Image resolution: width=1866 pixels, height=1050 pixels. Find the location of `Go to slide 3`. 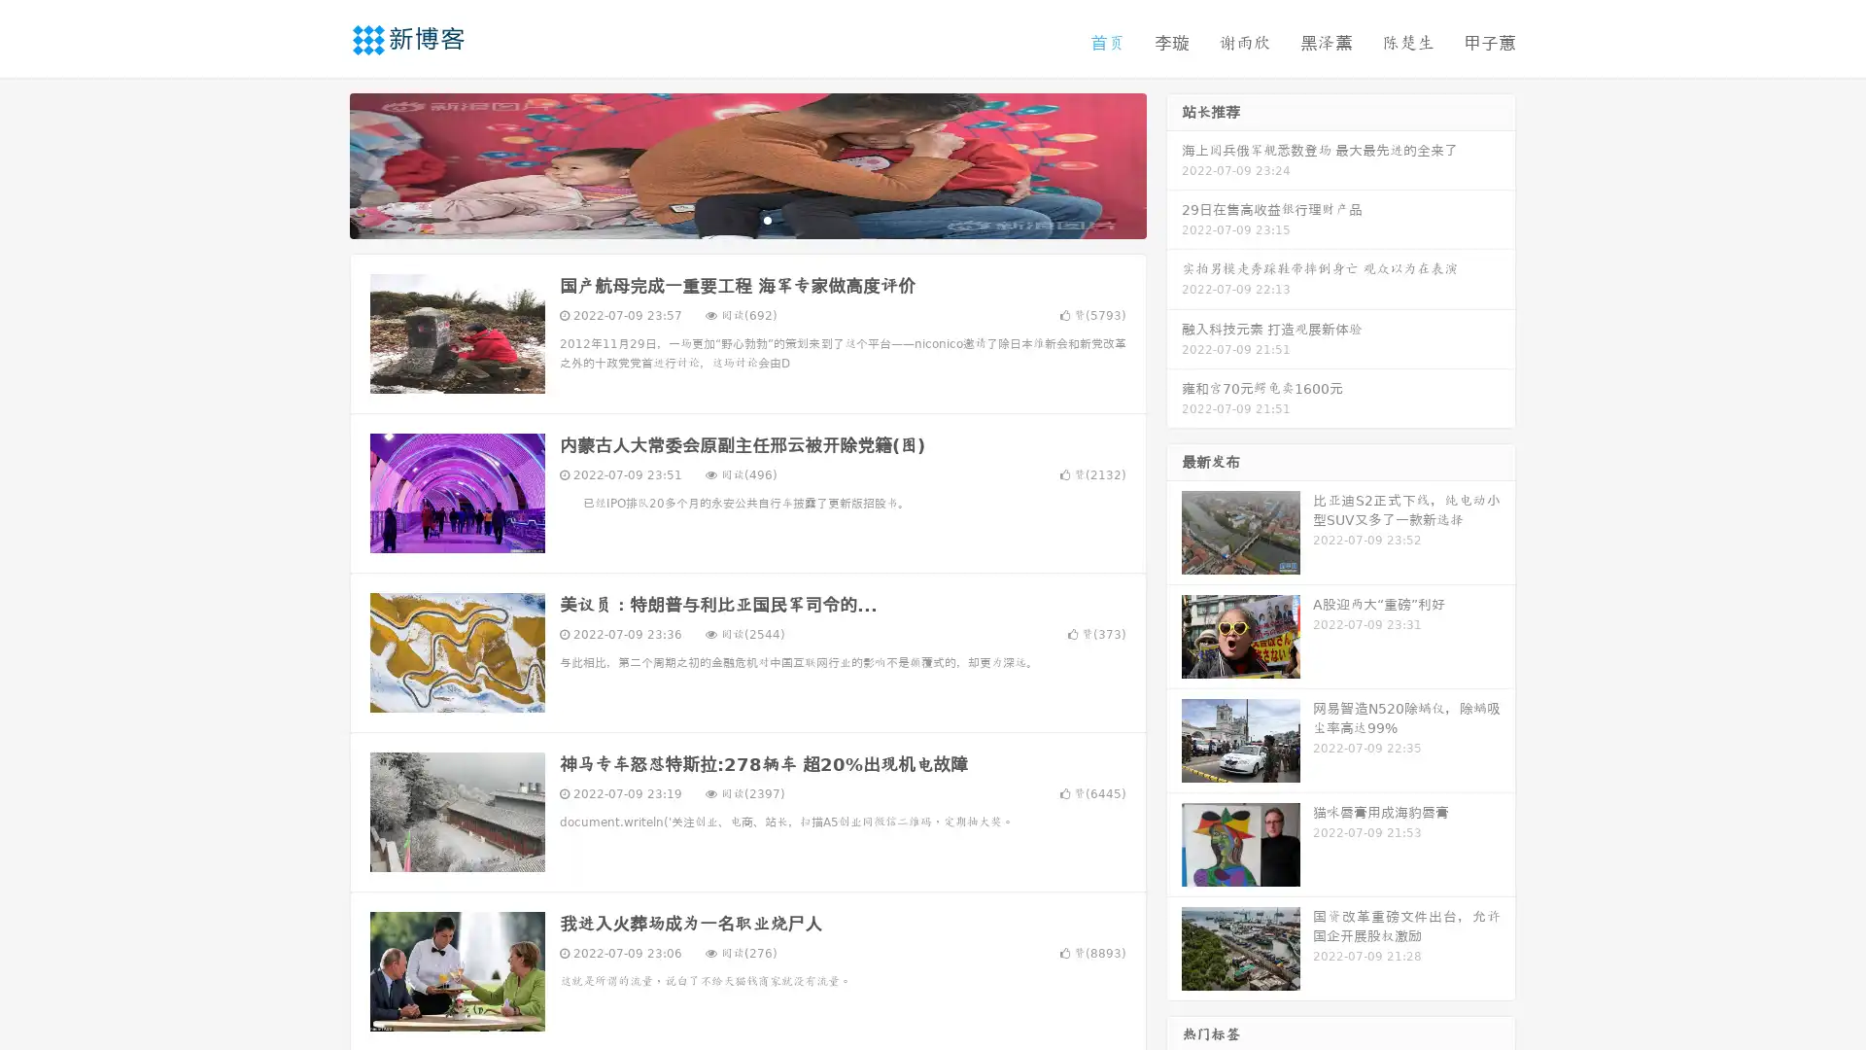

Go to slide 3 is located at coordinates (767, 219).